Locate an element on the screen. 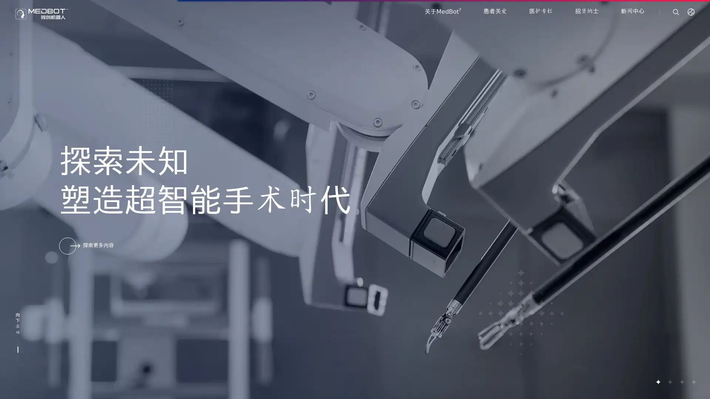 This screenshot has height=399, width=710. Go to slide 1 is located at coordinates (658, 382).